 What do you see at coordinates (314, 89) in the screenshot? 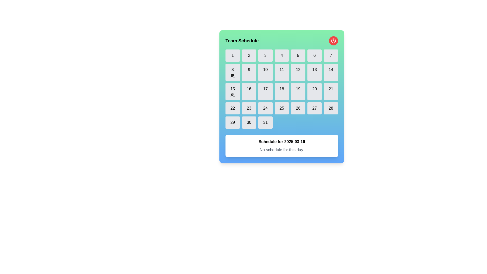
I see `the button displaying the date '20' in the 'Team Schedule' interface` at bounding box center [314, 89].